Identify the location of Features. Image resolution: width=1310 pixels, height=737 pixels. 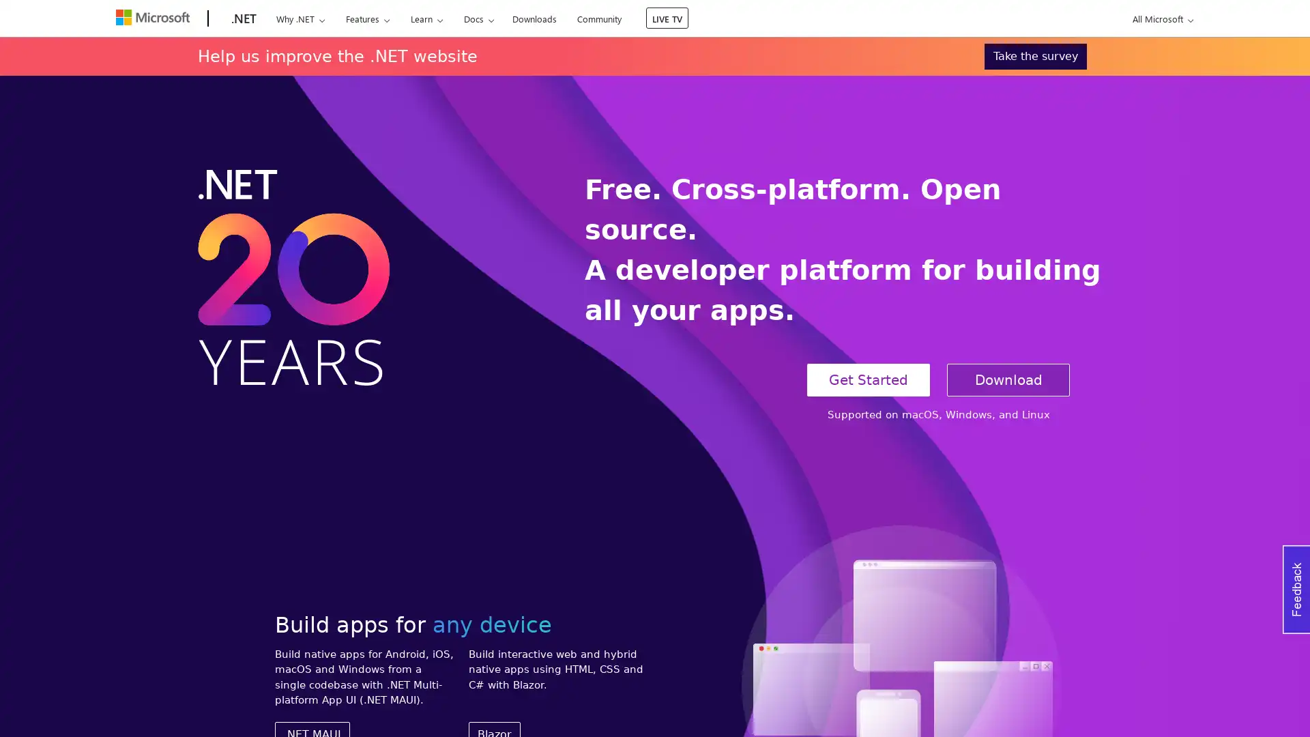
(367, 18).